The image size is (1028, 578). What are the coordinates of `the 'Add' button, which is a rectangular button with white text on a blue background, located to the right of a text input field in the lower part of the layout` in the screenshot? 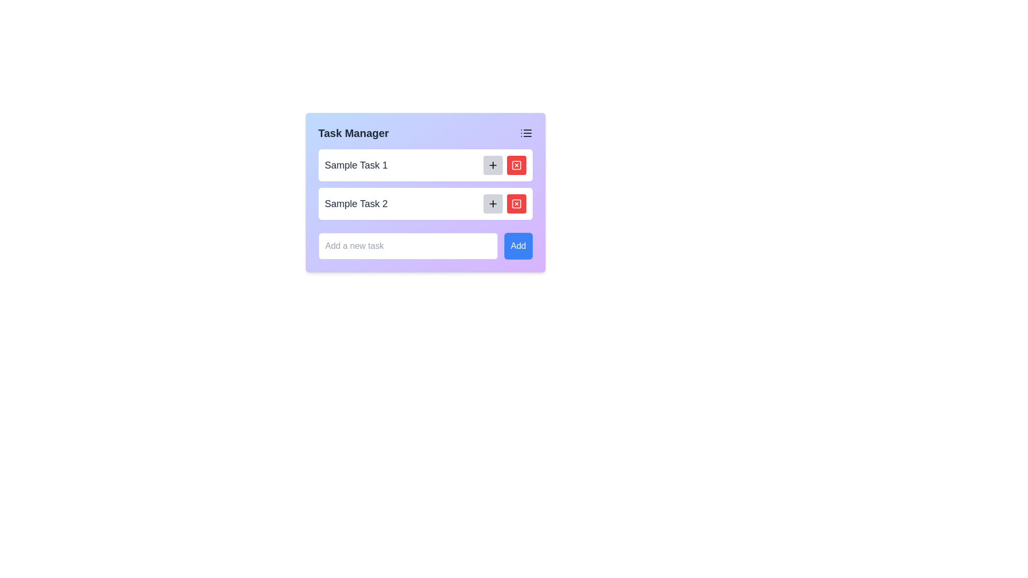 It's located at (518, 246).